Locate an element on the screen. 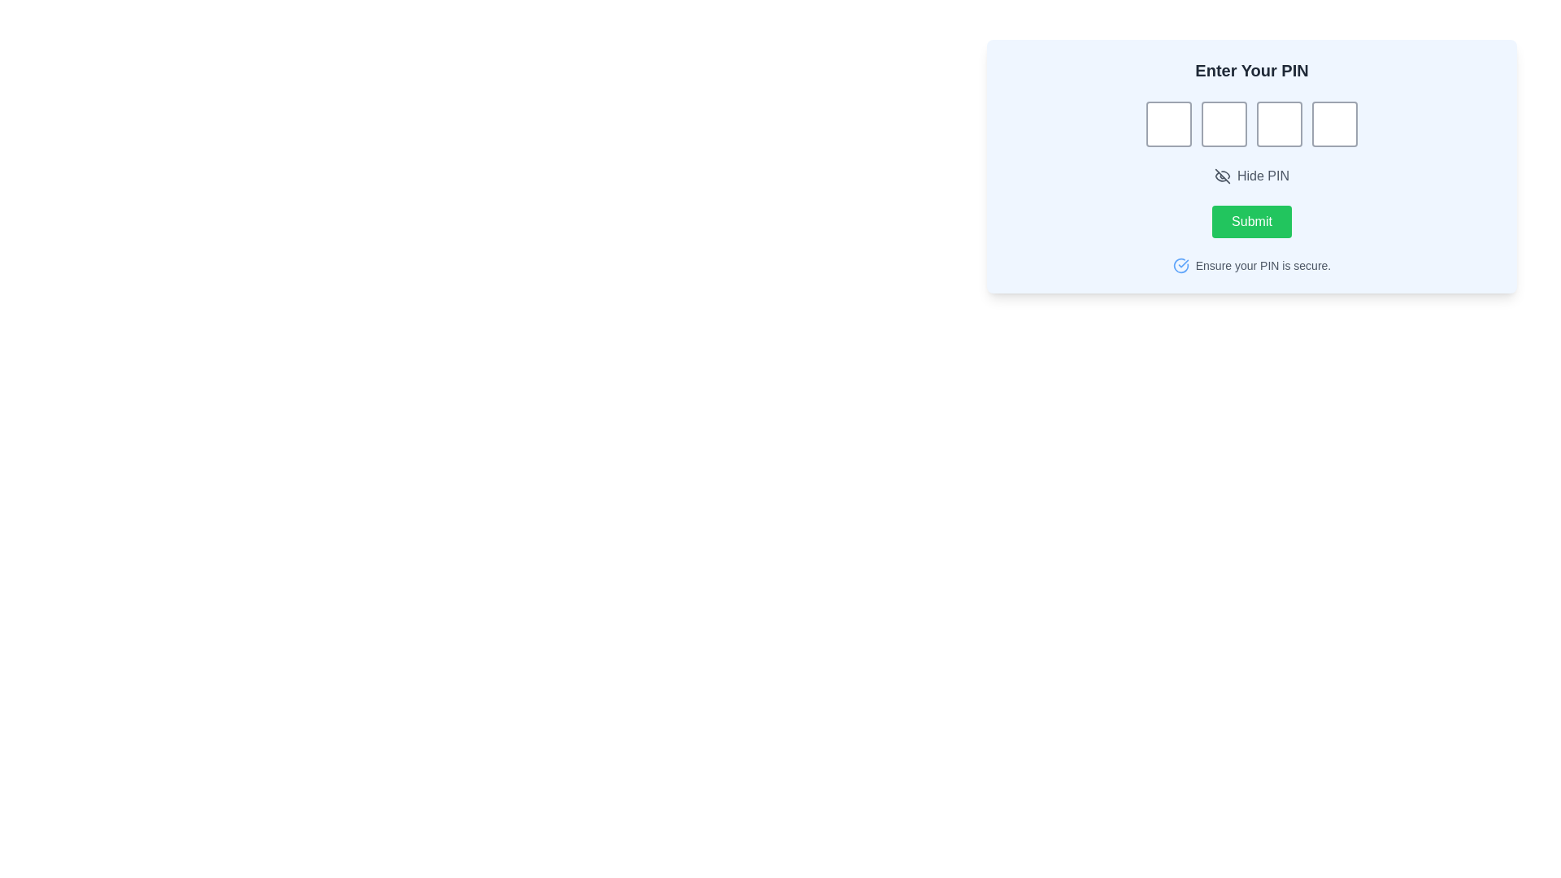 Image resolution: width=1561 pixels, height=878 pixels. the fourth text input box in the sequence and tab to the next field is located at coordinates (1334, 124).